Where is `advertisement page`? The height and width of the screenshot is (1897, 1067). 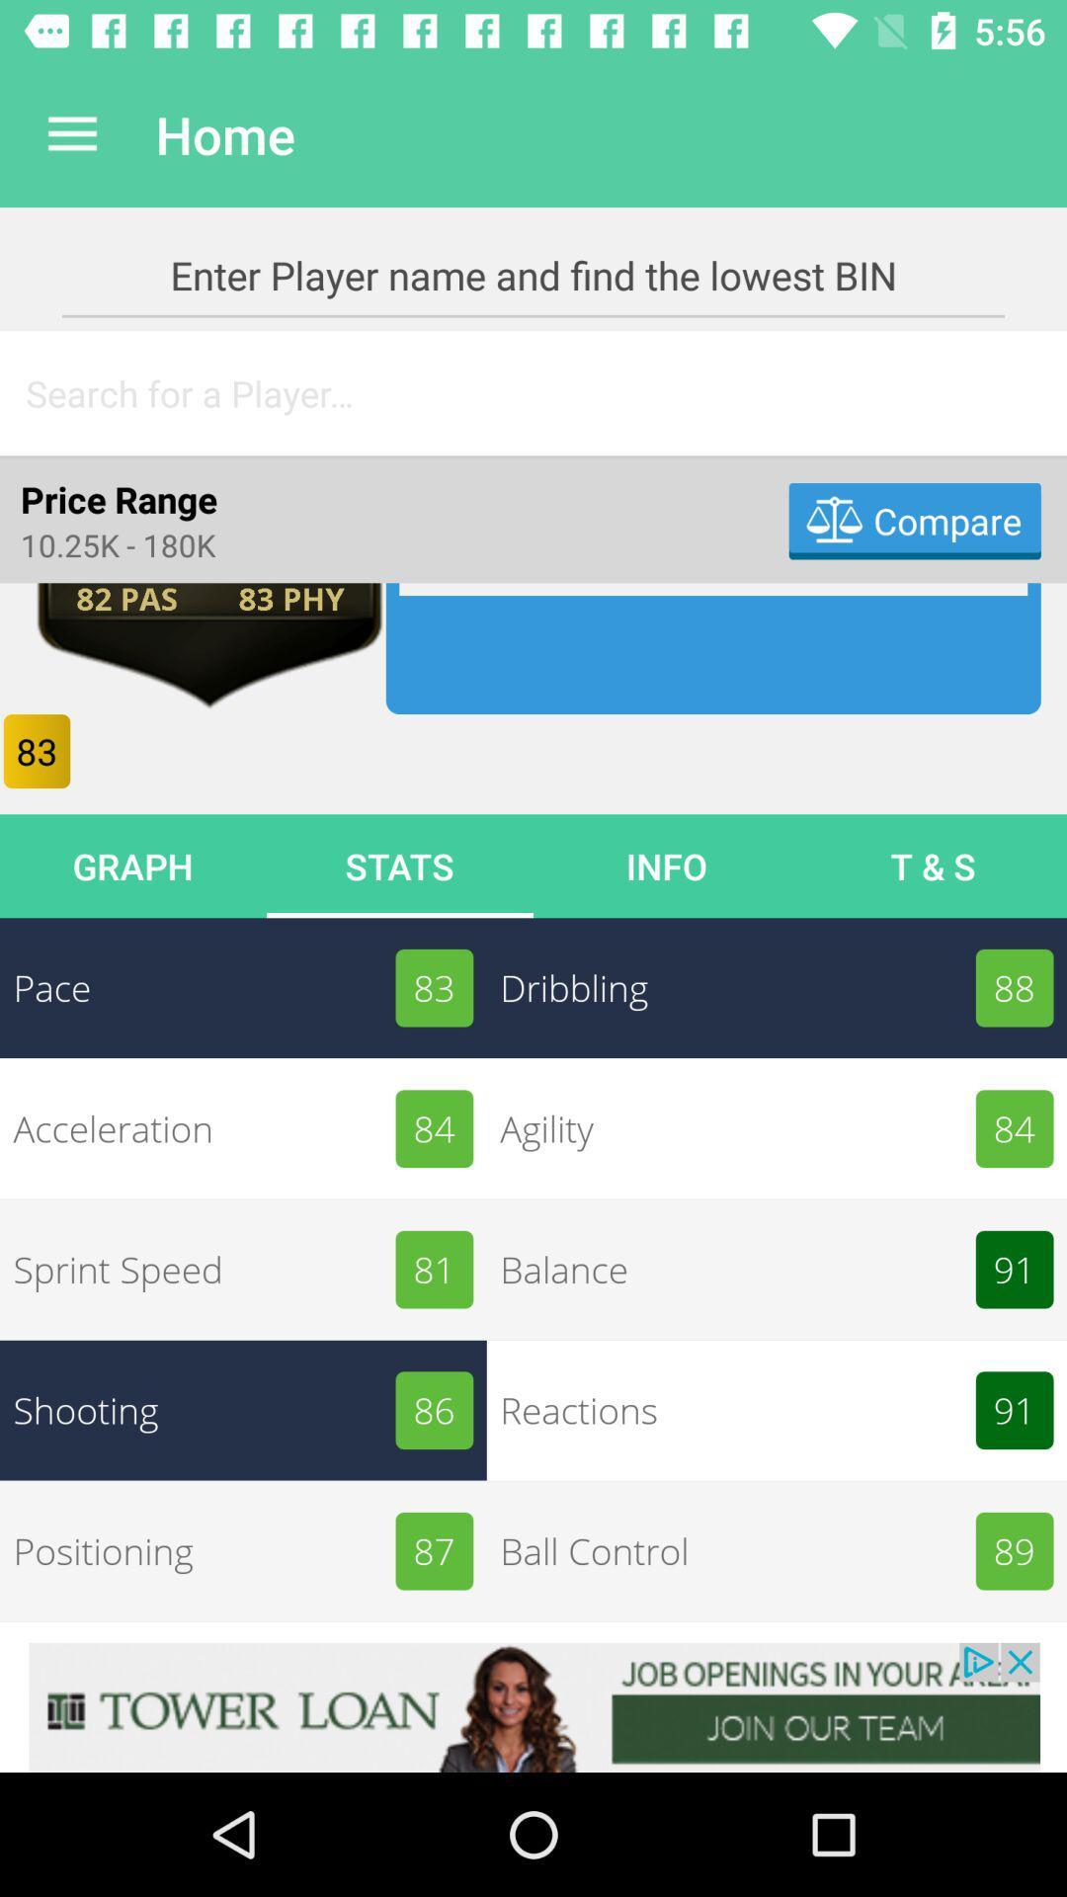
advertisement page is located at coordinates (533, 1706).